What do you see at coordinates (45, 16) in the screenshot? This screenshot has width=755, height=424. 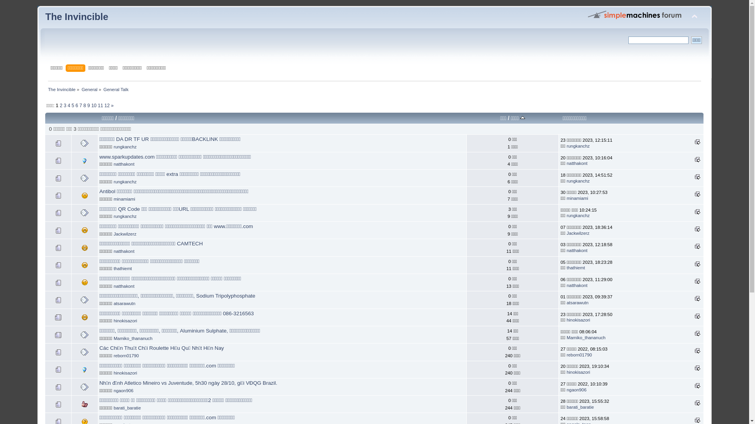 I see `'The Invincible'` at bounding box center [45, 16].